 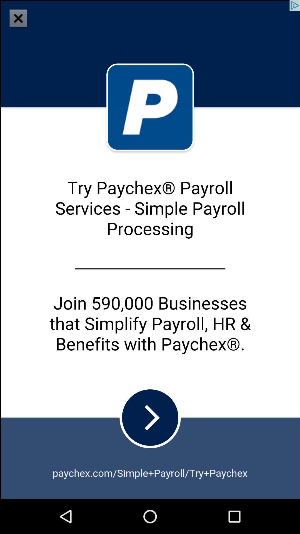 What do you see at coordinates (18, 19) in the screenshot?
I see `the close icon` at bounding box center [18, 19].